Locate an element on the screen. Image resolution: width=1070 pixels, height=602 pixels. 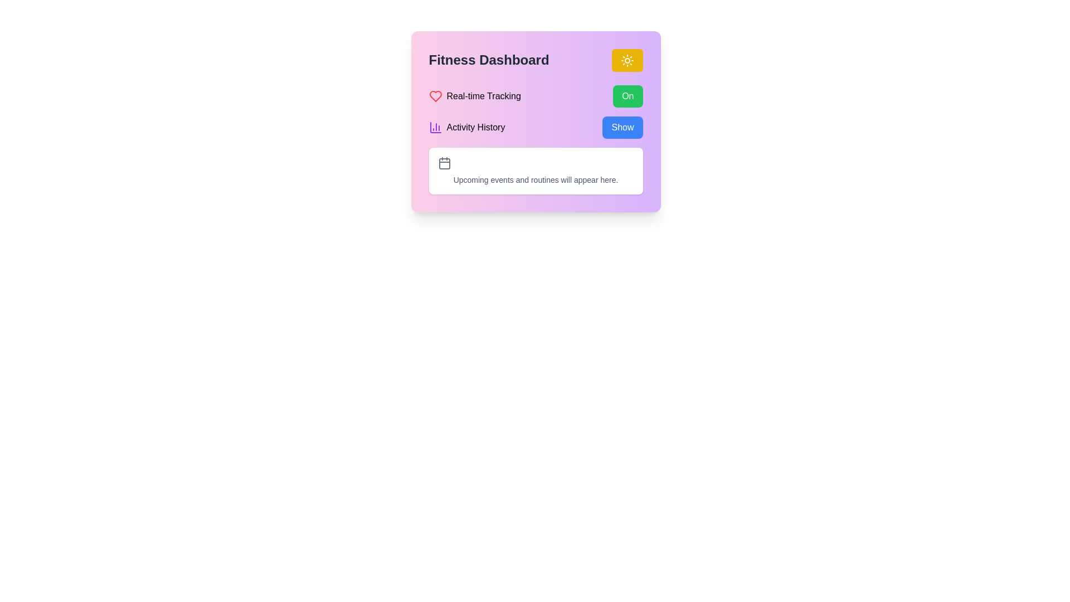
the static text element that serves as a label for the real-time tracking functionality, positioned below 'Fitness Dashboard' and above 'Activity History' is located at coordinates (484, 95).